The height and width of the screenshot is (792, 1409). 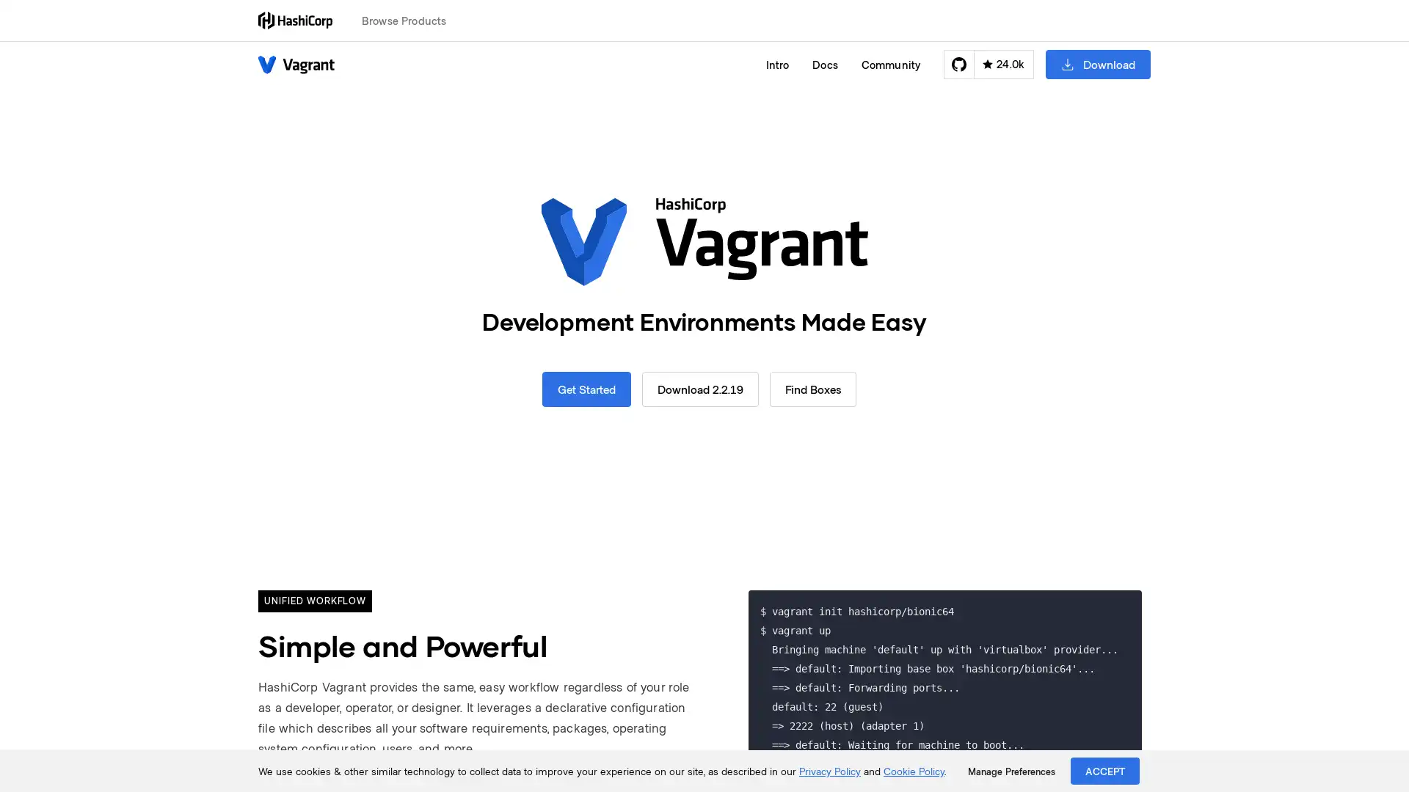 I want to click on Manage Preferences, so click(x=1011, y=771).